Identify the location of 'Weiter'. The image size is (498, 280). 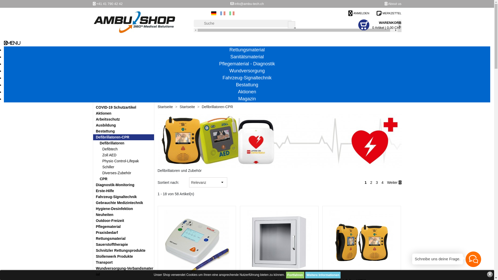
(394, 182).